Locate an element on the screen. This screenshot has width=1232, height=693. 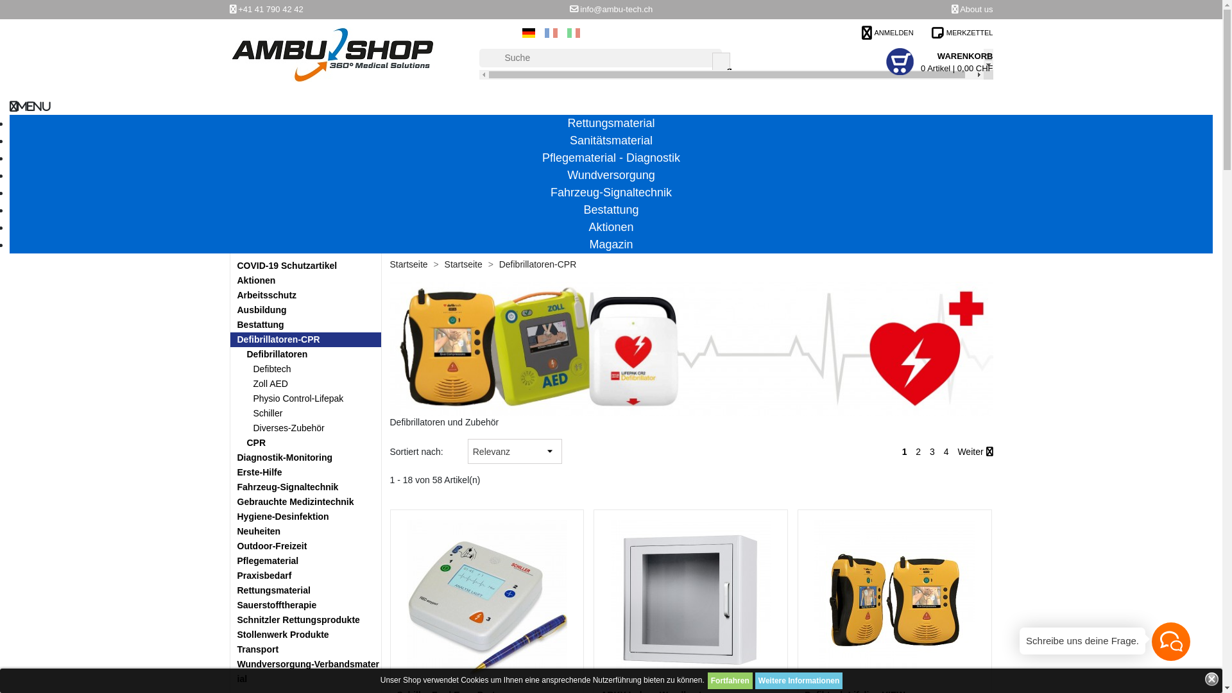
'Arbeitsschutz' is located at coordinates (230, 295).